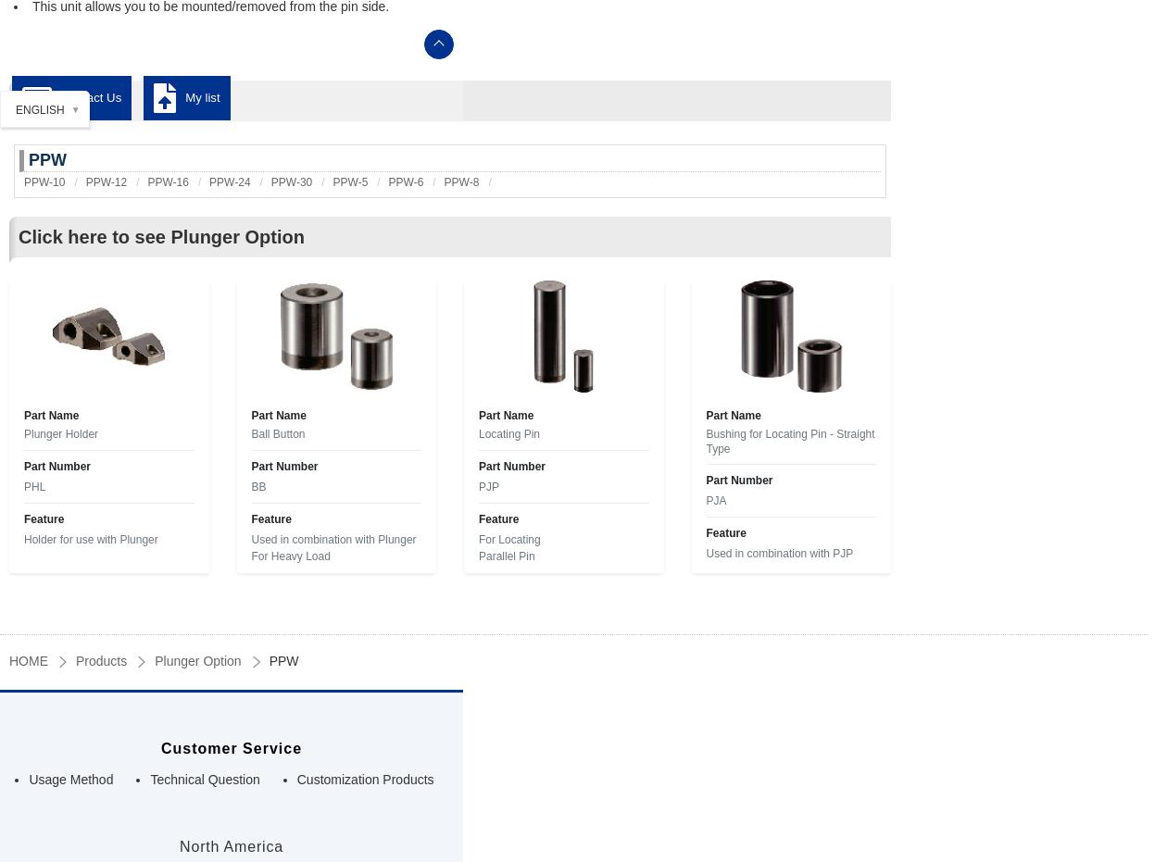 This screenshot has width=1167, height=862. Describe the element at coordinates (508, 434) in the screenshot. I see `'Locating Pin'` at that location.